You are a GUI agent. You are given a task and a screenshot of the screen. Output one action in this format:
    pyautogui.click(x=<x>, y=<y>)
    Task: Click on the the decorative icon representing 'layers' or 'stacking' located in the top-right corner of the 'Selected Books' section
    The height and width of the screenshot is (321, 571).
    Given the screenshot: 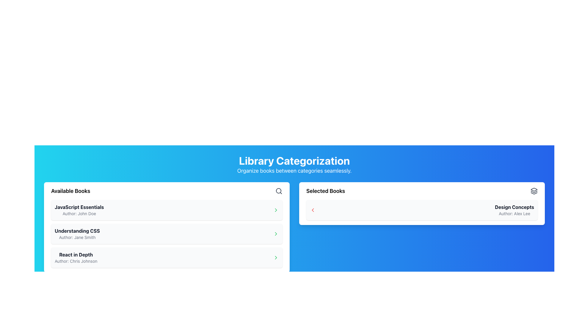 What is the action you would take?
    pyautogui.click(x=534, y=189)
    